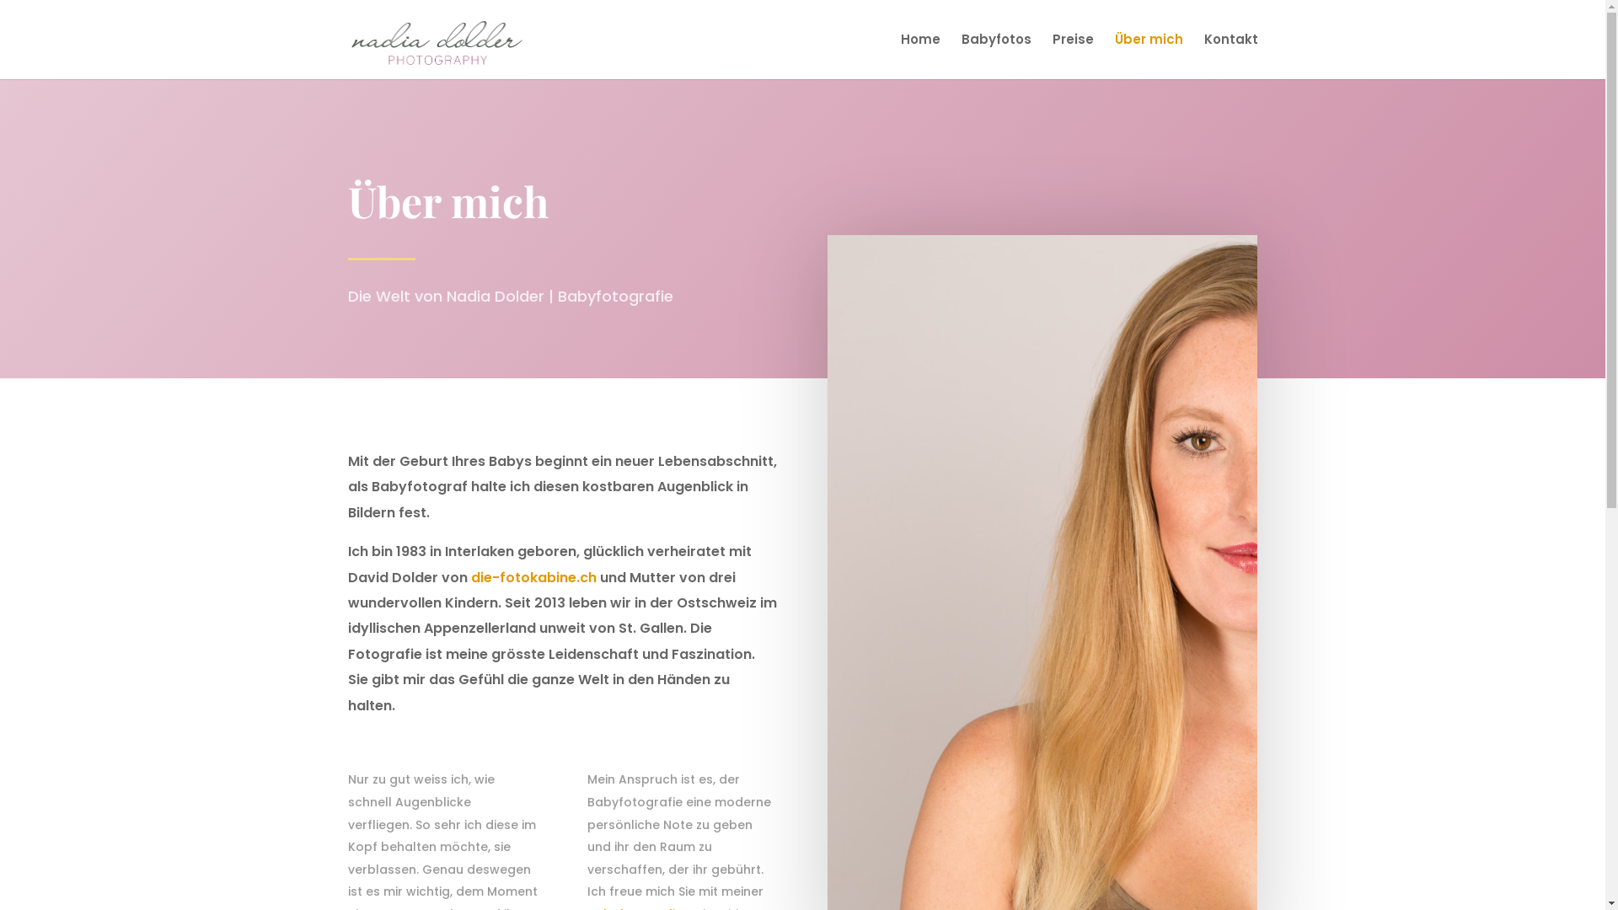  Describe the element at coordinates (919, 55) in the screenshot. I see `'Home'` at that location.